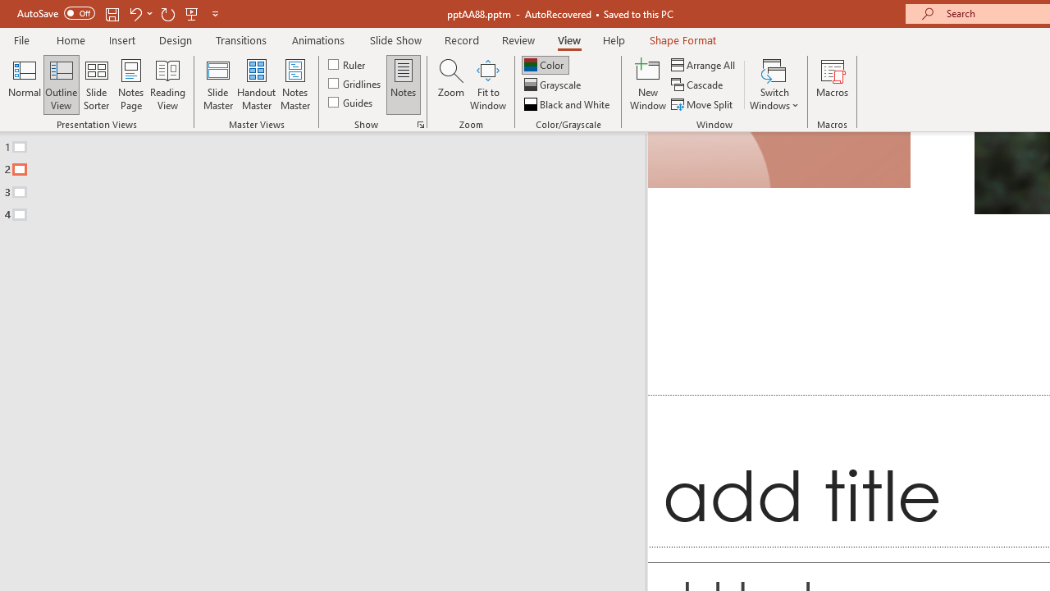 This screenshot has height=591, width=1050. Describe the element at coordinates (61, 85) in the screenshot. I see `'Outline View'` at that location.